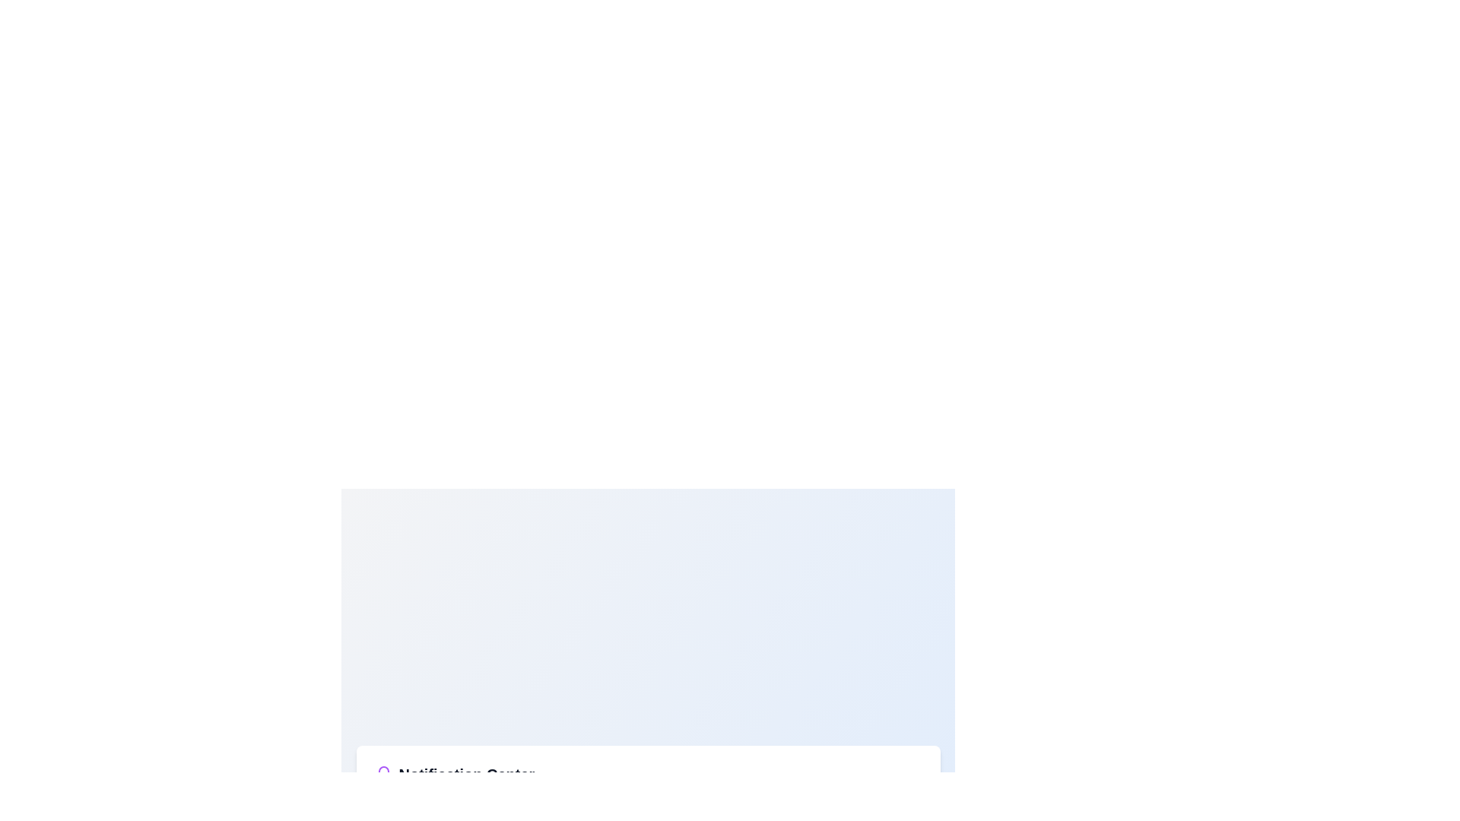 The width and height of the screenshot is (1460, 821). I want to click on the purple bell notification icon located to the left of the 'Notification Center' text, so click(383, 774).